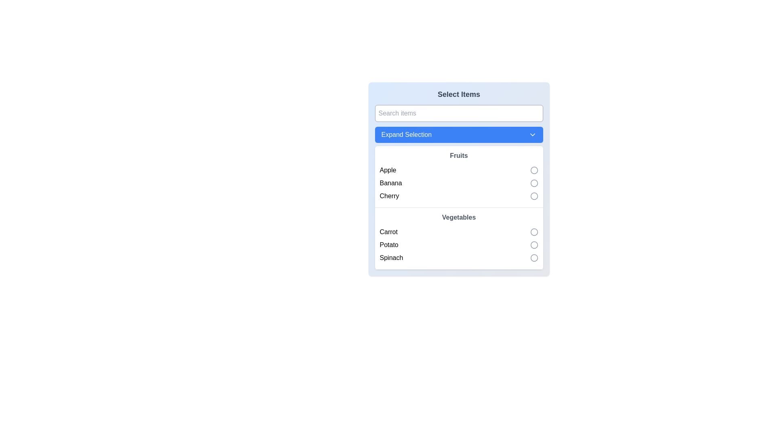 Image resolution: width=776 pixels, height=436 pixels. I want to click on the 'Apple' text label in the selection list under the 'Fruits' header, which is the first item in this category, so click(388, 170).